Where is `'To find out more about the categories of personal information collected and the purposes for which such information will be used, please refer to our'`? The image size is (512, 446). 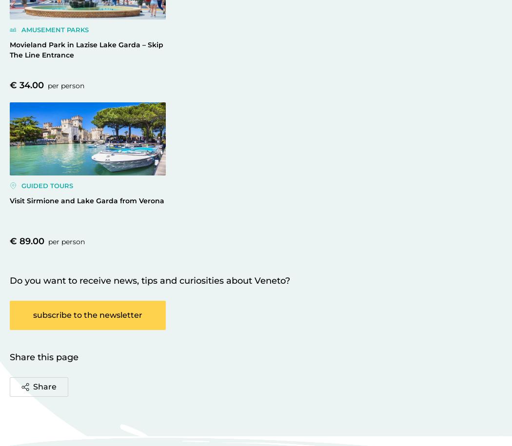
'To find out more about the categories of personal information collected and the purposes for which such information will be used, please refer to our' is located at coordinates (252, 13).